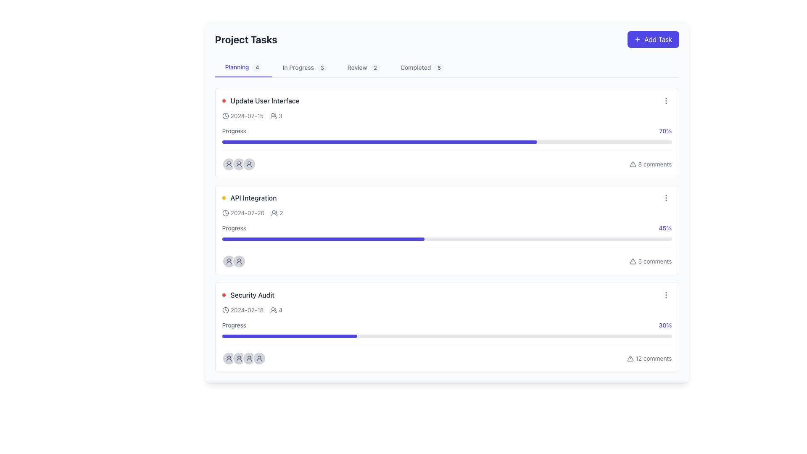 The width and height of the screenshot is (807, 454). What do you see at coordinates (229, 164) in the screenshot?
I see `the first circular user avatar with a gray background and a white outline, located just below the 'Progress' bar in the 'Update User Interface' task card of the 'Project Tasks' interface` at bounding box center [229, 164].